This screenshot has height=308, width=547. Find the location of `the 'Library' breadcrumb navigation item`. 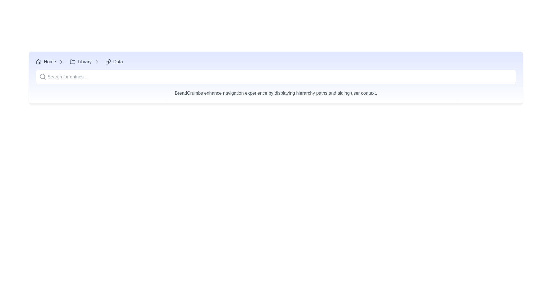

the 'Library' breadcrumb navigation item is located at coordinates (85, 62).